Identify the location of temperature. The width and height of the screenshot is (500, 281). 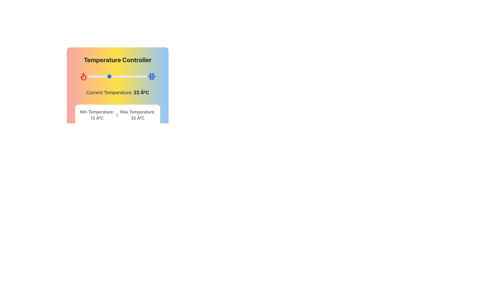
(123, 76).